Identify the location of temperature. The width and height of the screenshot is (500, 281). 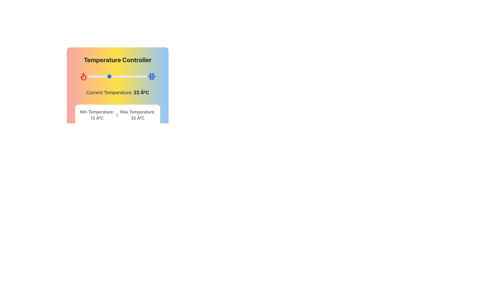
(123, 76).